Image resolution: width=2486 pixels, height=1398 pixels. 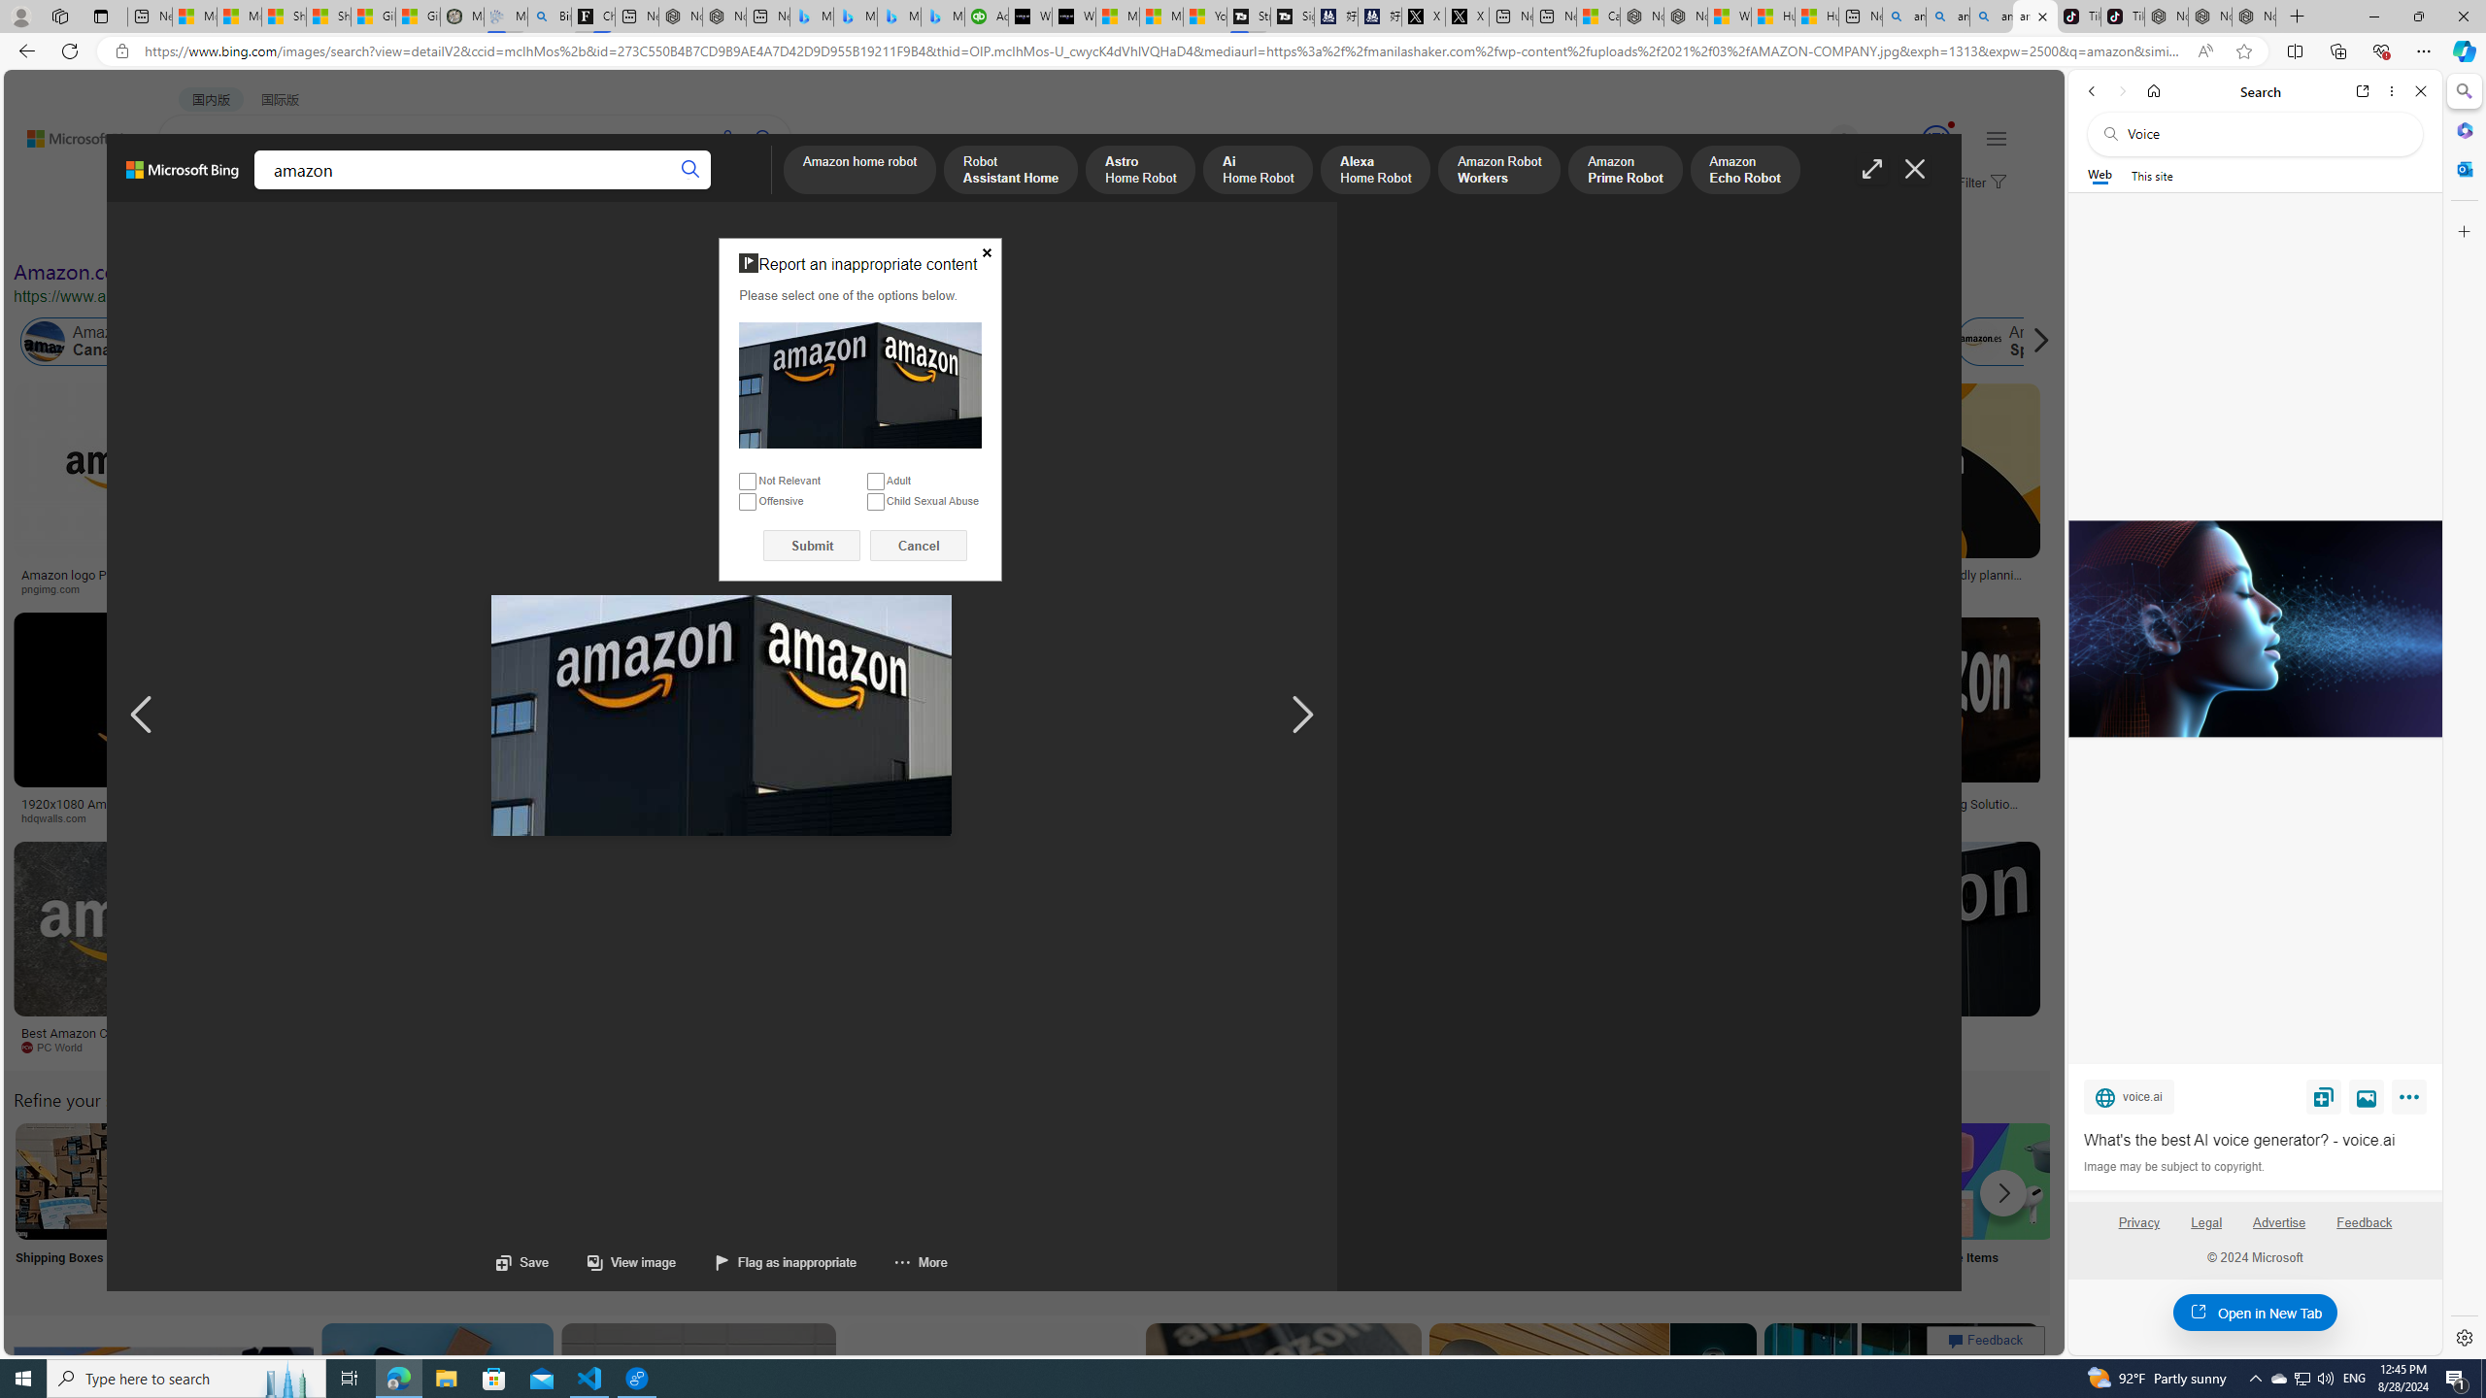 I want to click on 'downdetector.ae', so click(x=1599, y=587).